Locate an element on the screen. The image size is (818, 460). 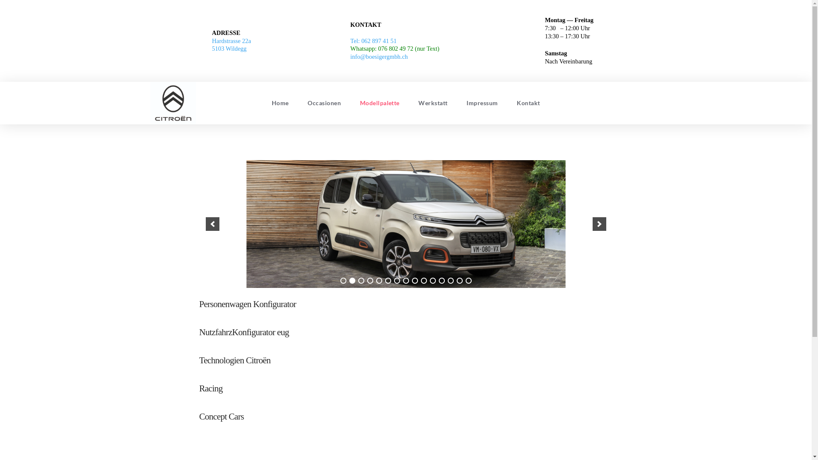
'Personenwagen Konfigurator' is located at coordinates (247, 303).